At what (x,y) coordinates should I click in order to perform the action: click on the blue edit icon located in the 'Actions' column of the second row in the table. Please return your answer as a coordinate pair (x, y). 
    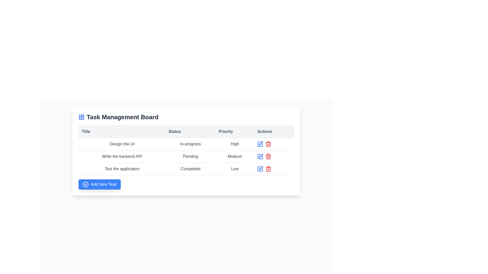
    Looking at the image, I should click on (260, 156).